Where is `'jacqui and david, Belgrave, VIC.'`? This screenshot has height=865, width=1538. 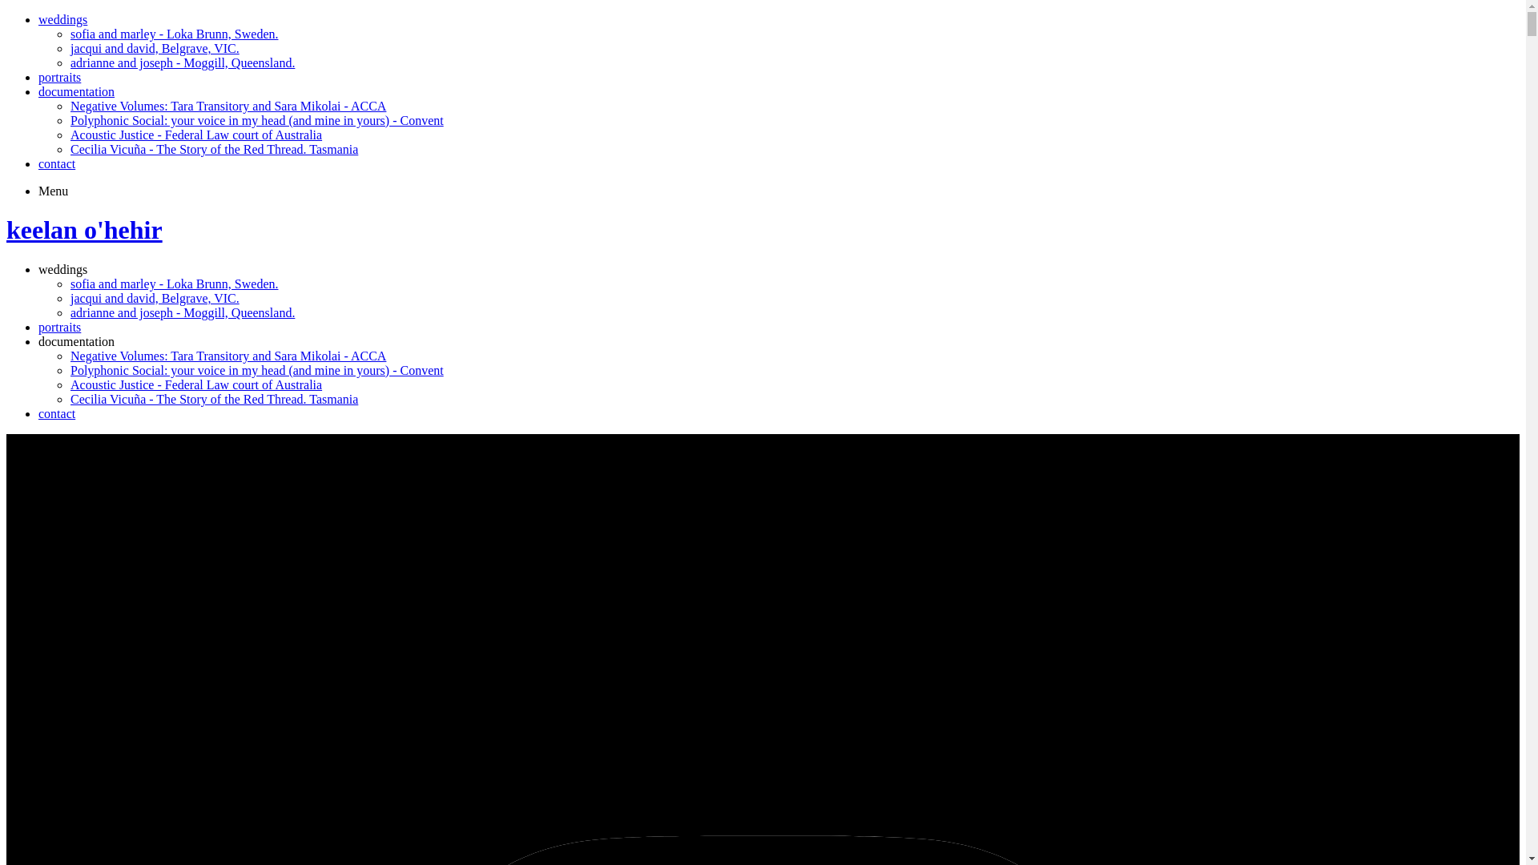 'jacqui and david, Belgrave, VIC.' is located at coordinates (155, 298).